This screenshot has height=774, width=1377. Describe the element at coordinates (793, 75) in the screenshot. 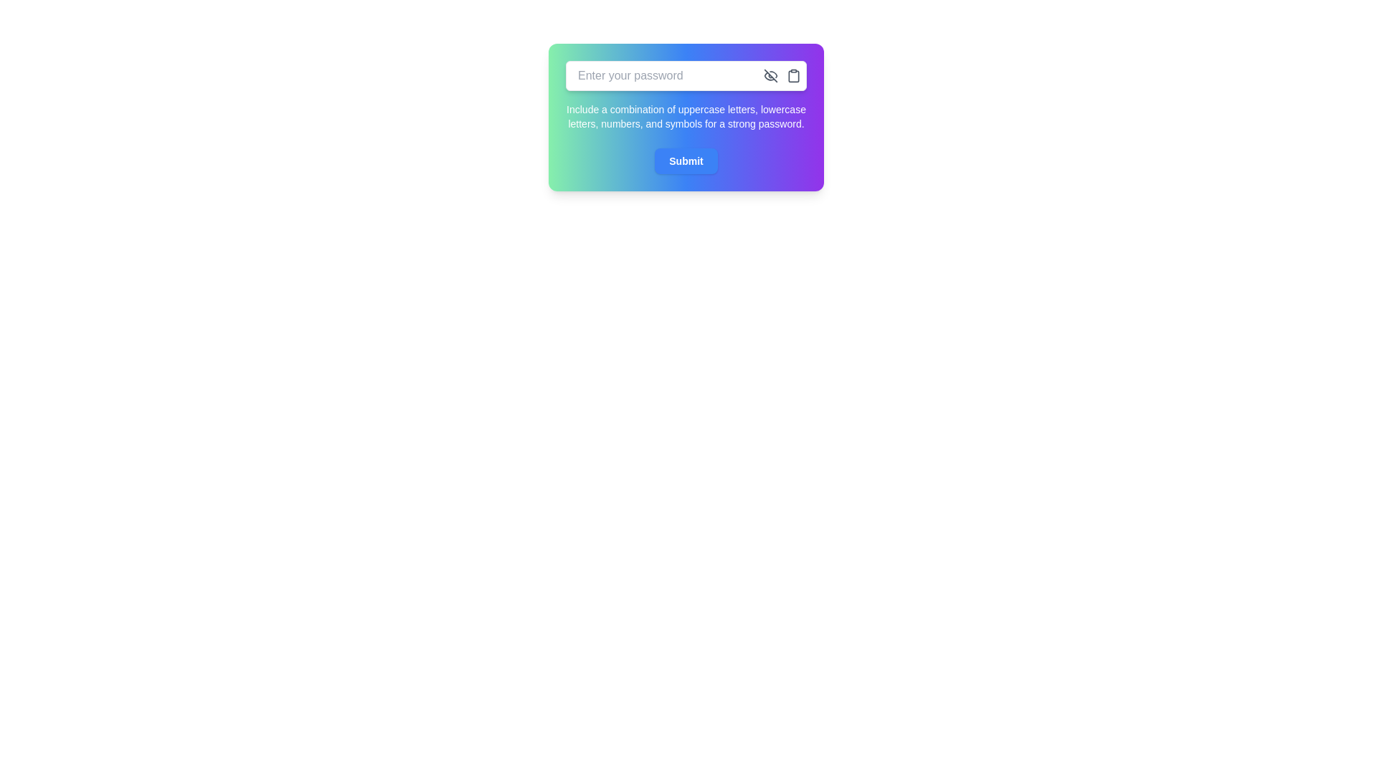

I see `the copy-to-clipboard icon button located on the far-right side of the password input field` at that location.